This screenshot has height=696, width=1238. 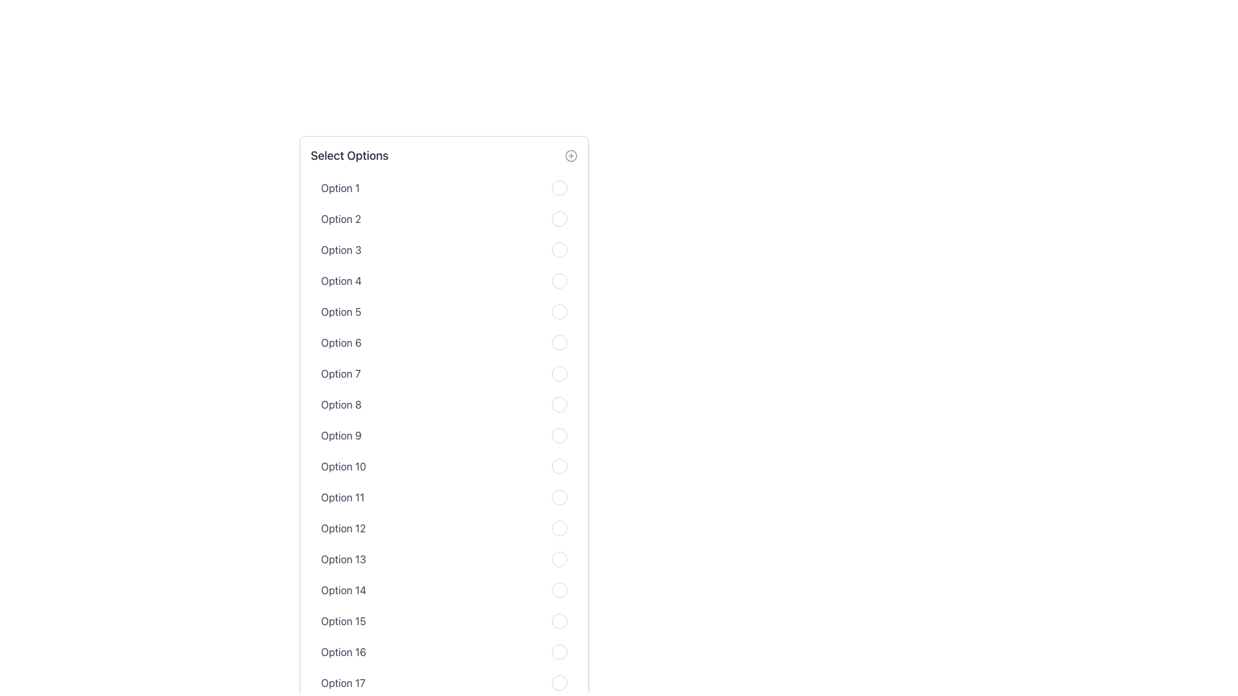 What do you see at coordinates (560, 652) in the screenshot?
I see `the radio button for 'Option 16'` at bounding box center [560, 652].